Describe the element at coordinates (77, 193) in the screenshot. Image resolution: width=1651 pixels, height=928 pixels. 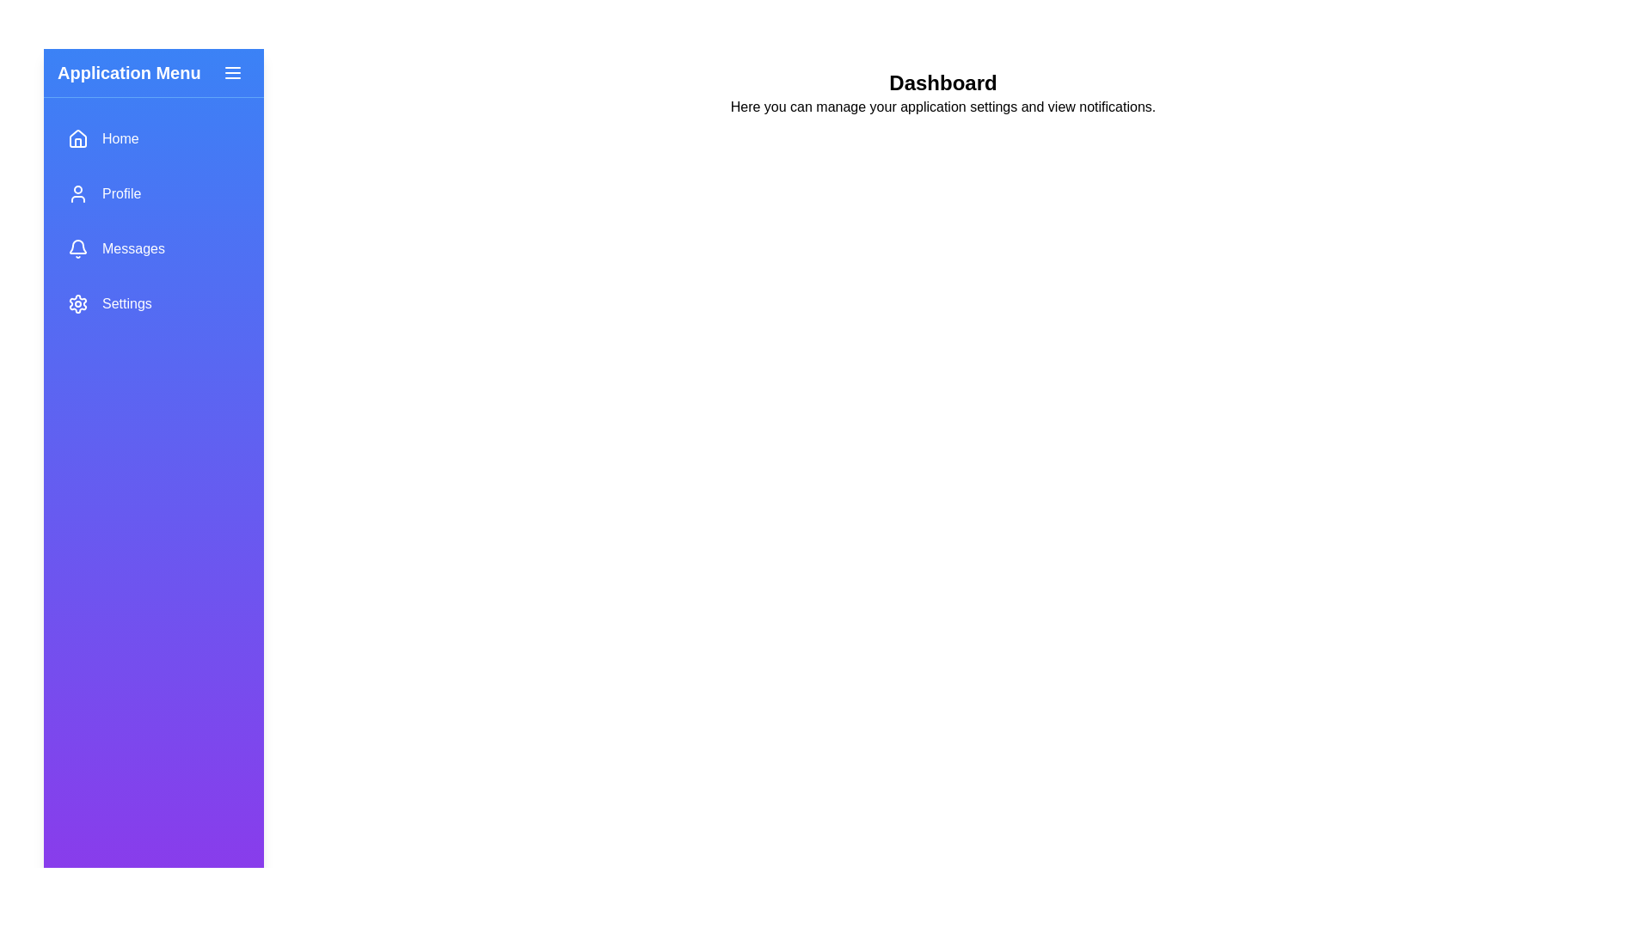
I see `the 'Profile' icon located in the vertical navigation menu, positioned to the left of the 'Profile' text` at that location.